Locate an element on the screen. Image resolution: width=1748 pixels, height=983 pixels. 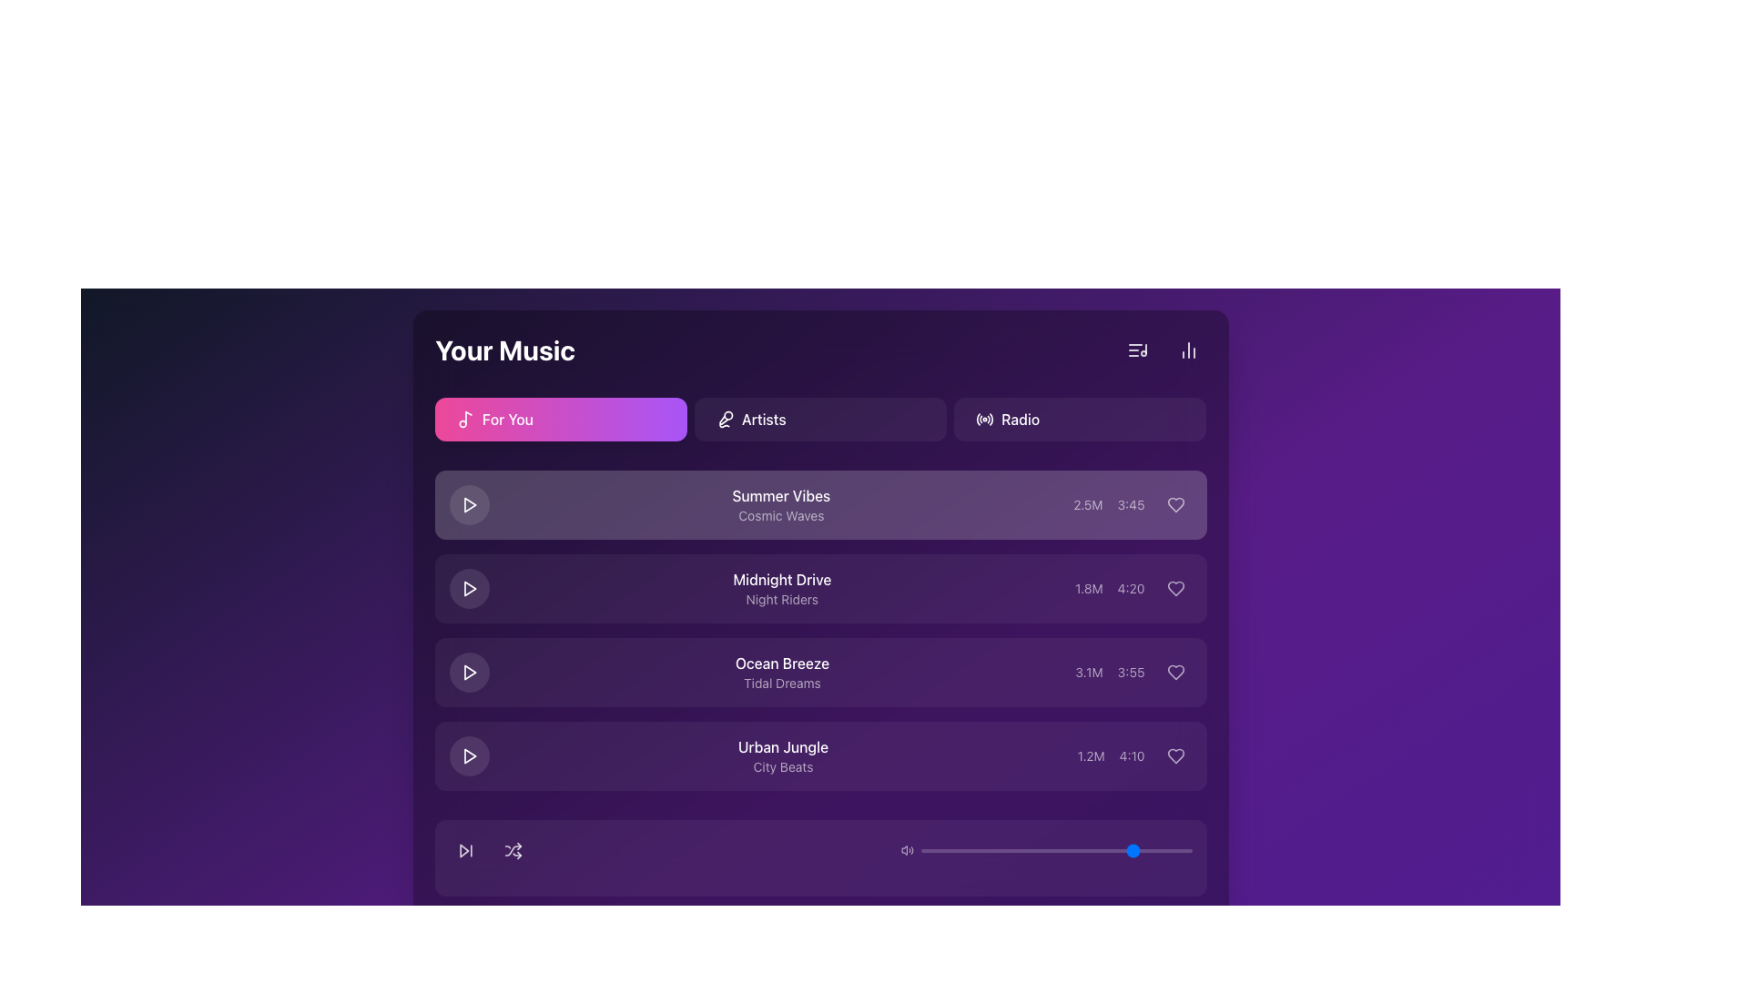
the 'Artists' navigation button, which is the middle button in a group of three at the top section of the interface is located at coordinates (819, 420).